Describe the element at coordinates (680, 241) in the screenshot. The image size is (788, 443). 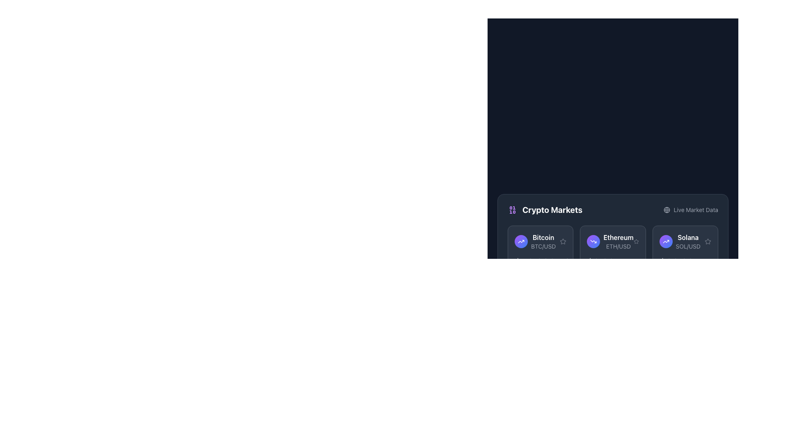
I see `the 'Solana' informational card, which features a rounded purple-to-blue gradient icon with a white upward arrow and displays the text 'Solana' in bold white and 'SOL/USD' in smaller gray font` at that location.